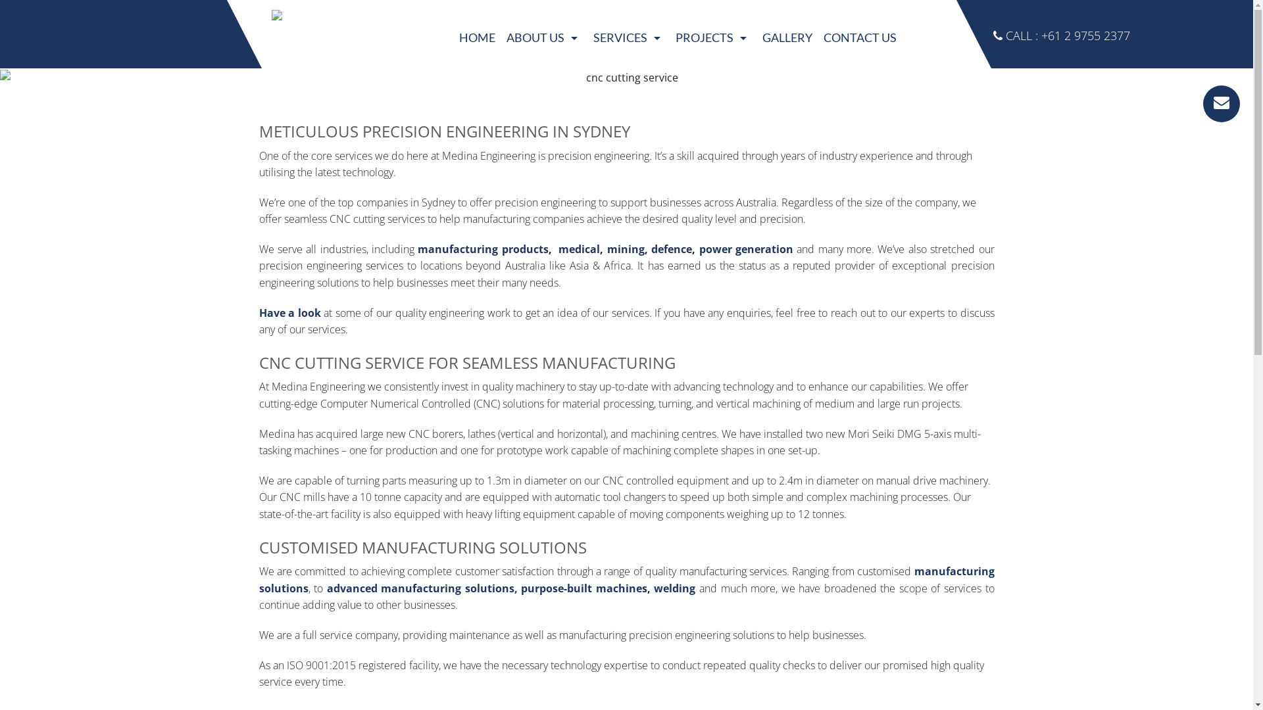 The image size is (1263, 710). Describe the element at coordinates (787, 37) in the screenshot. I see `'GALLERY'` at that location.